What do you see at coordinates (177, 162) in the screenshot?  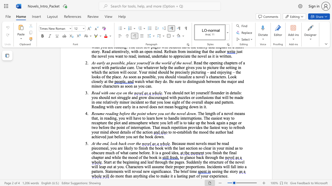 I see `the subset text "ages. Suddenly the structure of the novel will leap out at you. Charac" within the text ". Start at the beginning and leaf through the pages. Suddenly the structure of the novel will leap out at you. Characters will assume their proper proportions. Incidents will fall into a pattern. Statements will reveal new significance. The brief time"` at bounding box center [177, 162].